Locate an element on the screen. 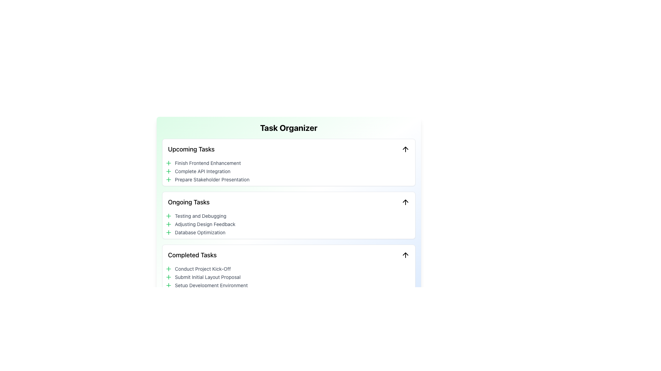 This screenshot has height=371, width=661. the text label displaying 'Adjusting Design Feedback', which is the second item in the 'Ongoing Tasks' section, located between 'Testing and Debugging' and 'Database Optimization' is located at coordinates (204, 224).